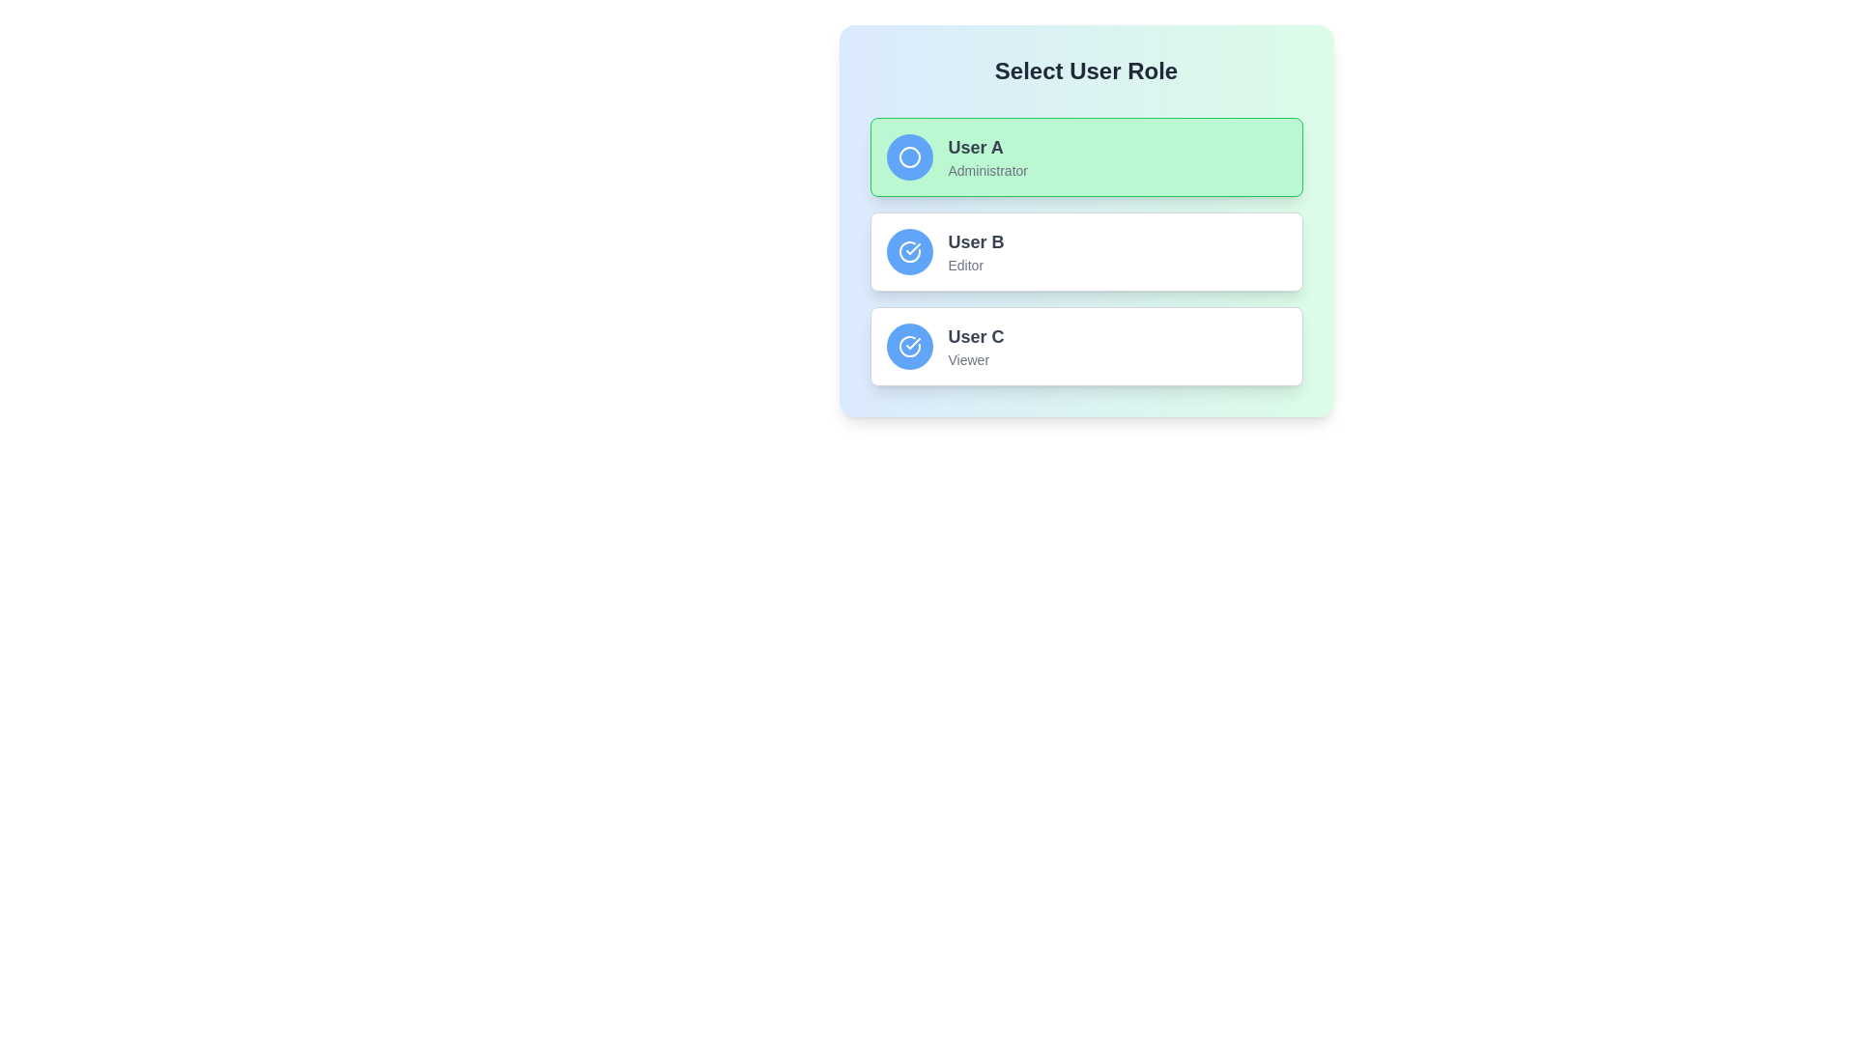 The width and height of the screenshot is (1855, 1043). Describe the element at coordinates (976, 345) in the screenshot. I see `the label that displays 'User C' in bold and 'Viewer' in a smaller gray font, located to the right of a circular blue icon with a white check mark in the user role selection panel` at that location.